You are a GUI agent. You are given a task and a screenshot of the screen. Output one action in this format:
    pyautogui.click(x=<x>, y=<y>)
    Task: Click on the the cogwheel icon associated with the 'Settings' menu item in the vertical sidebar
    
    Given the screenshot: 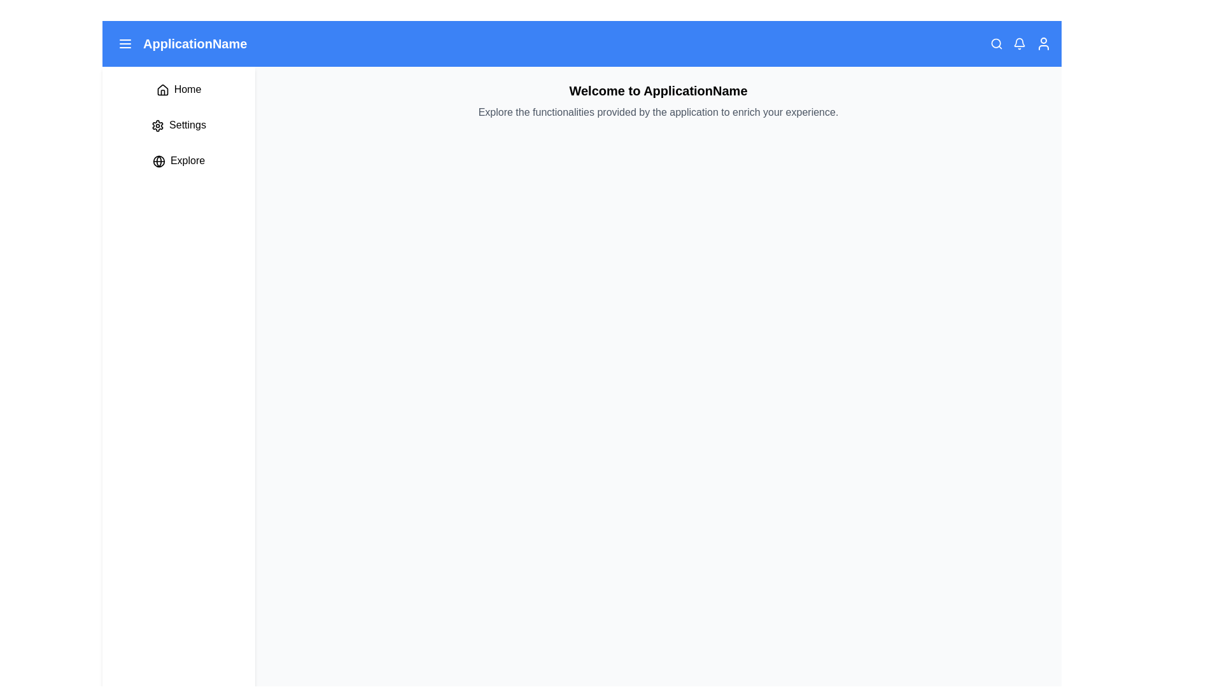 What is the action you would take?
    pyautogui.click(x=157, y=125)
    